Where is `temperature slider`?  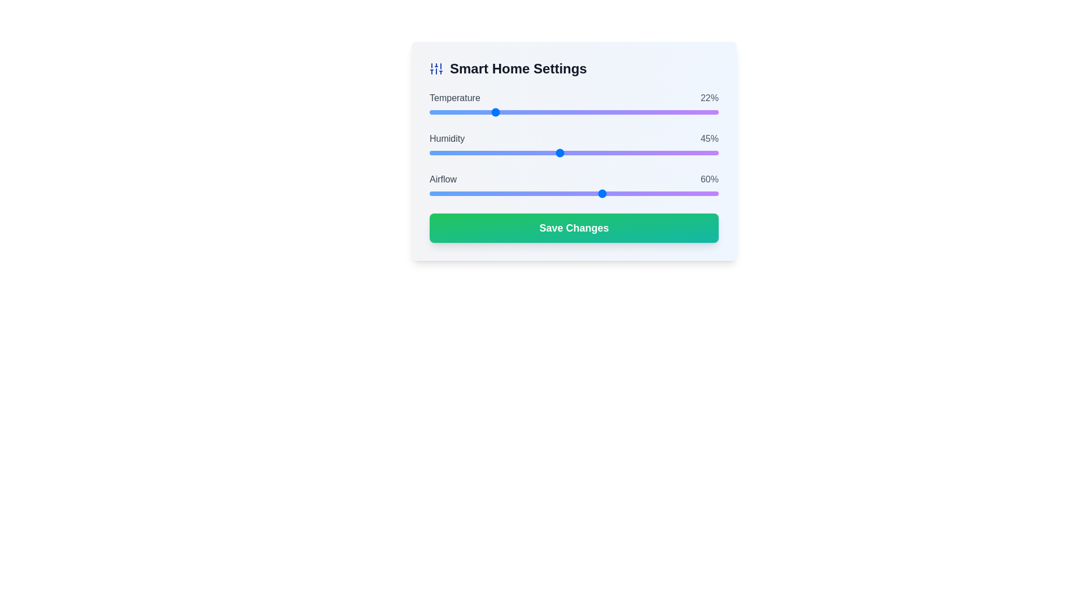
temperature slider is located at coordinates (479, 112).